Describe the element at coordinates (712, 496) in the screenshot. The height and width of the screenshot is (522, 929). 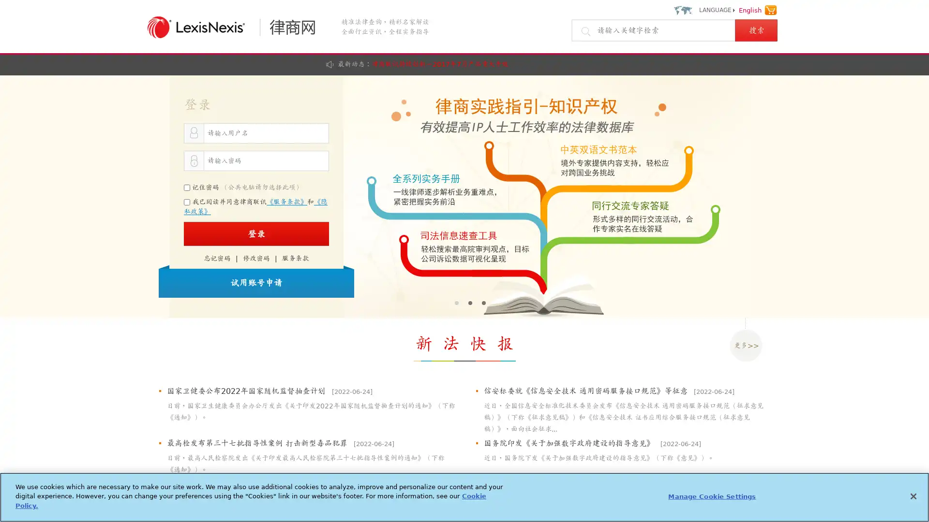
I see `Manage Cookie Settings` at that location.